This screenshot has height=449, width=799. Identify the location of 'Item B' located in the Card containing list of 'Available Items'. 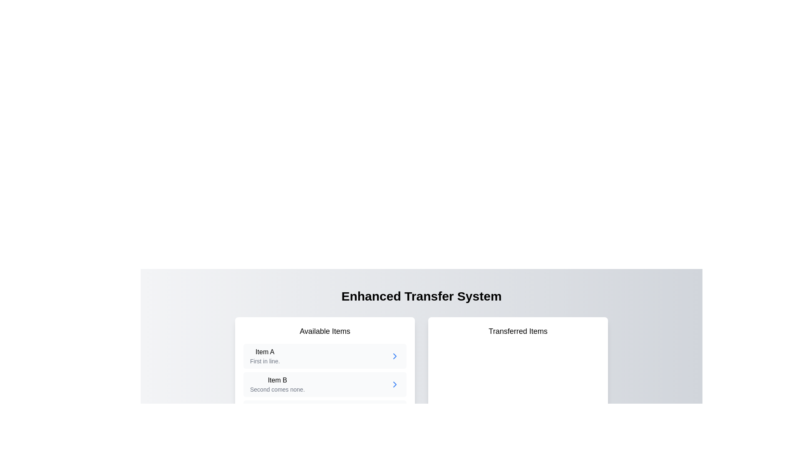
(325, 375).